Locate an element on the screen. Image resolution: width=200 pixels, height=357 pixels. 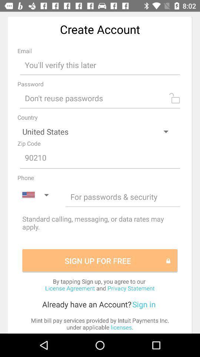
input email is located at coordinates (100, 64).